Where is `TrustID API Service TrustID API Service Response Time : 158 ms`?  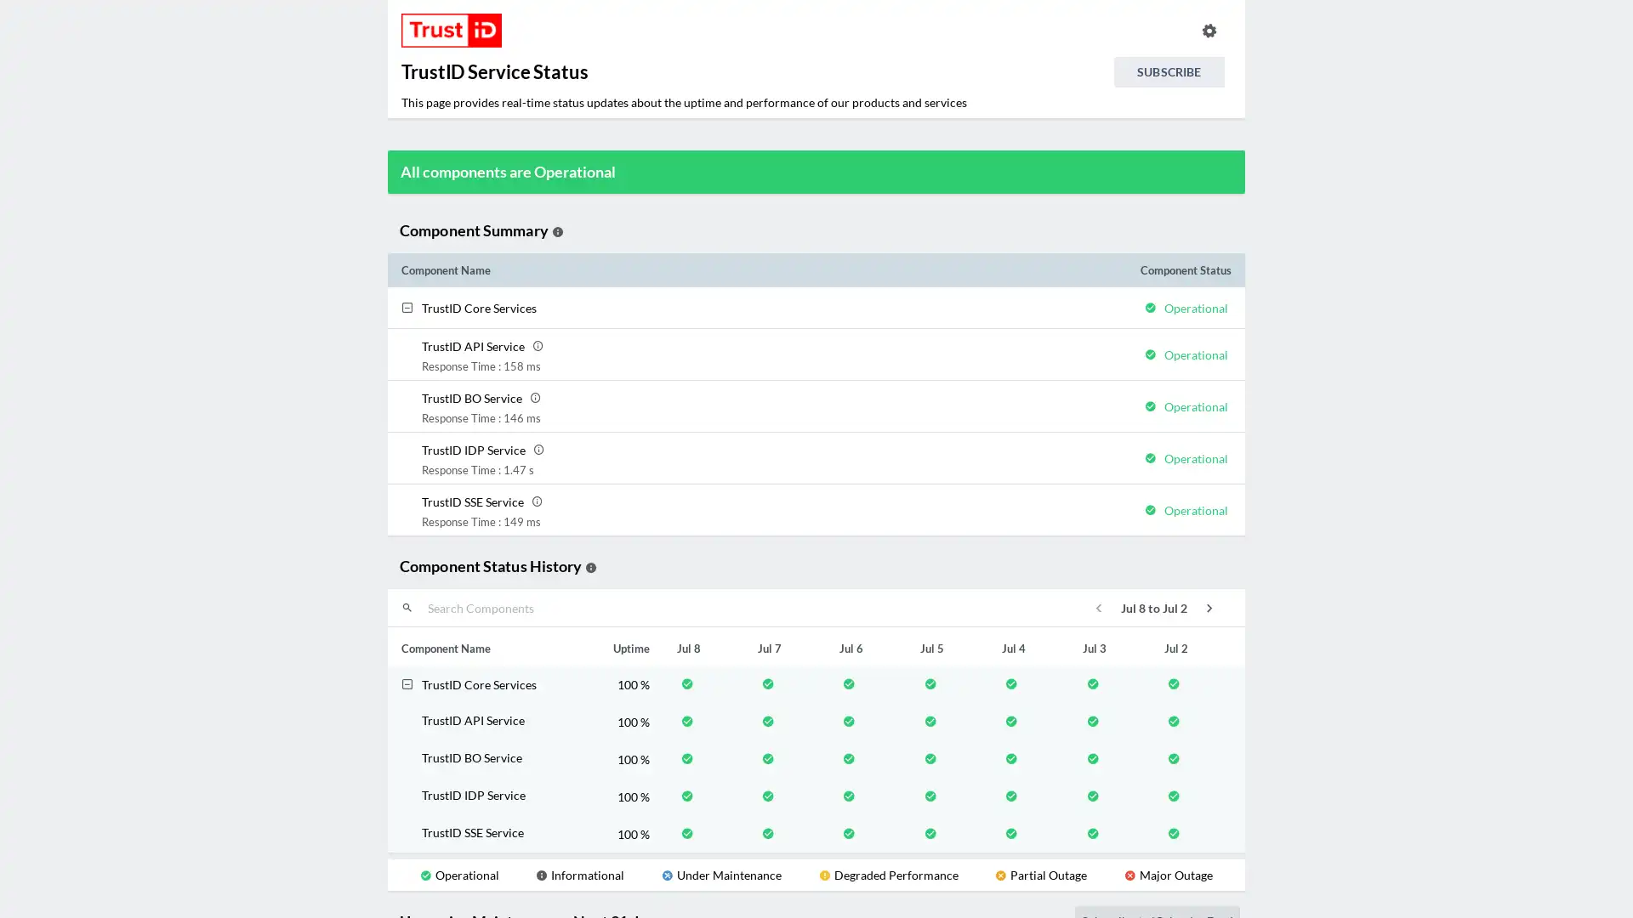
TrustID API Service TrustID API Service Response Time : 158 ms is located at coordinates (713, 353).